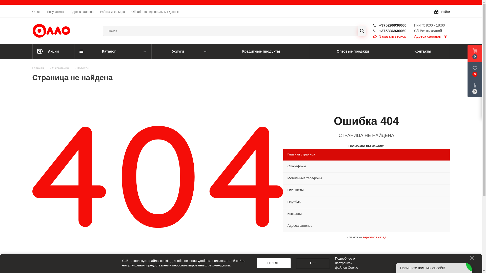 Image resolution: width=486 pixels, height=273 pixels. I want to click on '+375296936060', so click(379, 25).